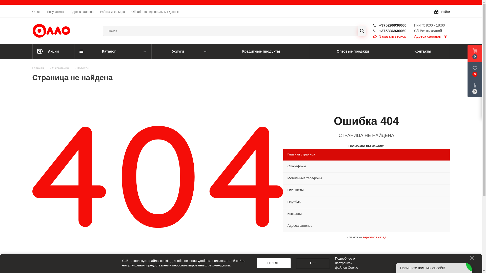 Image resolution: width=486 pixels, height=273 pixels. I want to click on '+375296936060', so click(379, 25).